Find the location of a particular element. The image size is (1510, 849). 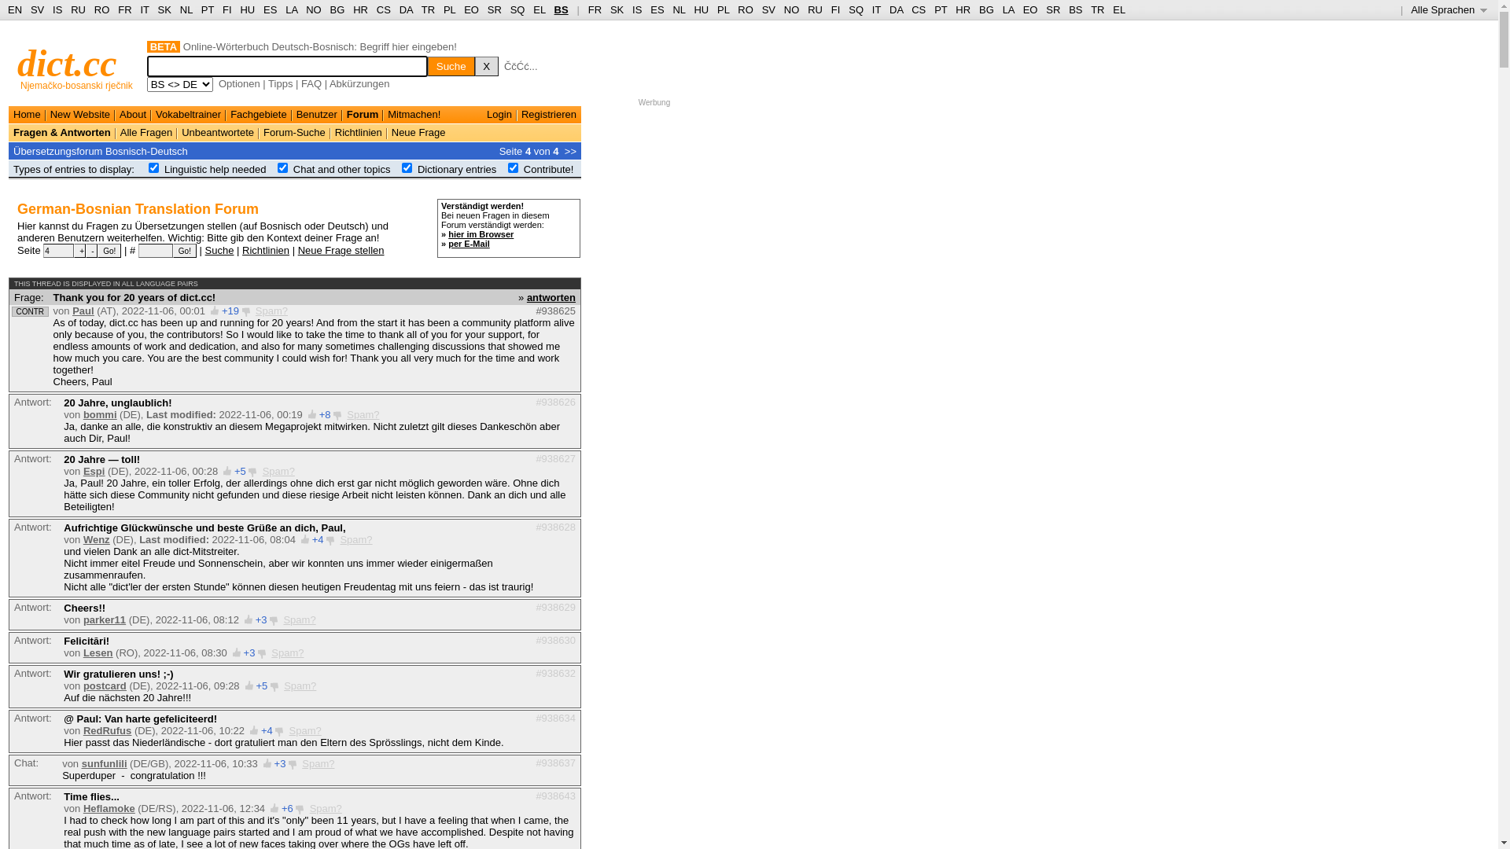

'DA' is located at coordinates (889, 9).